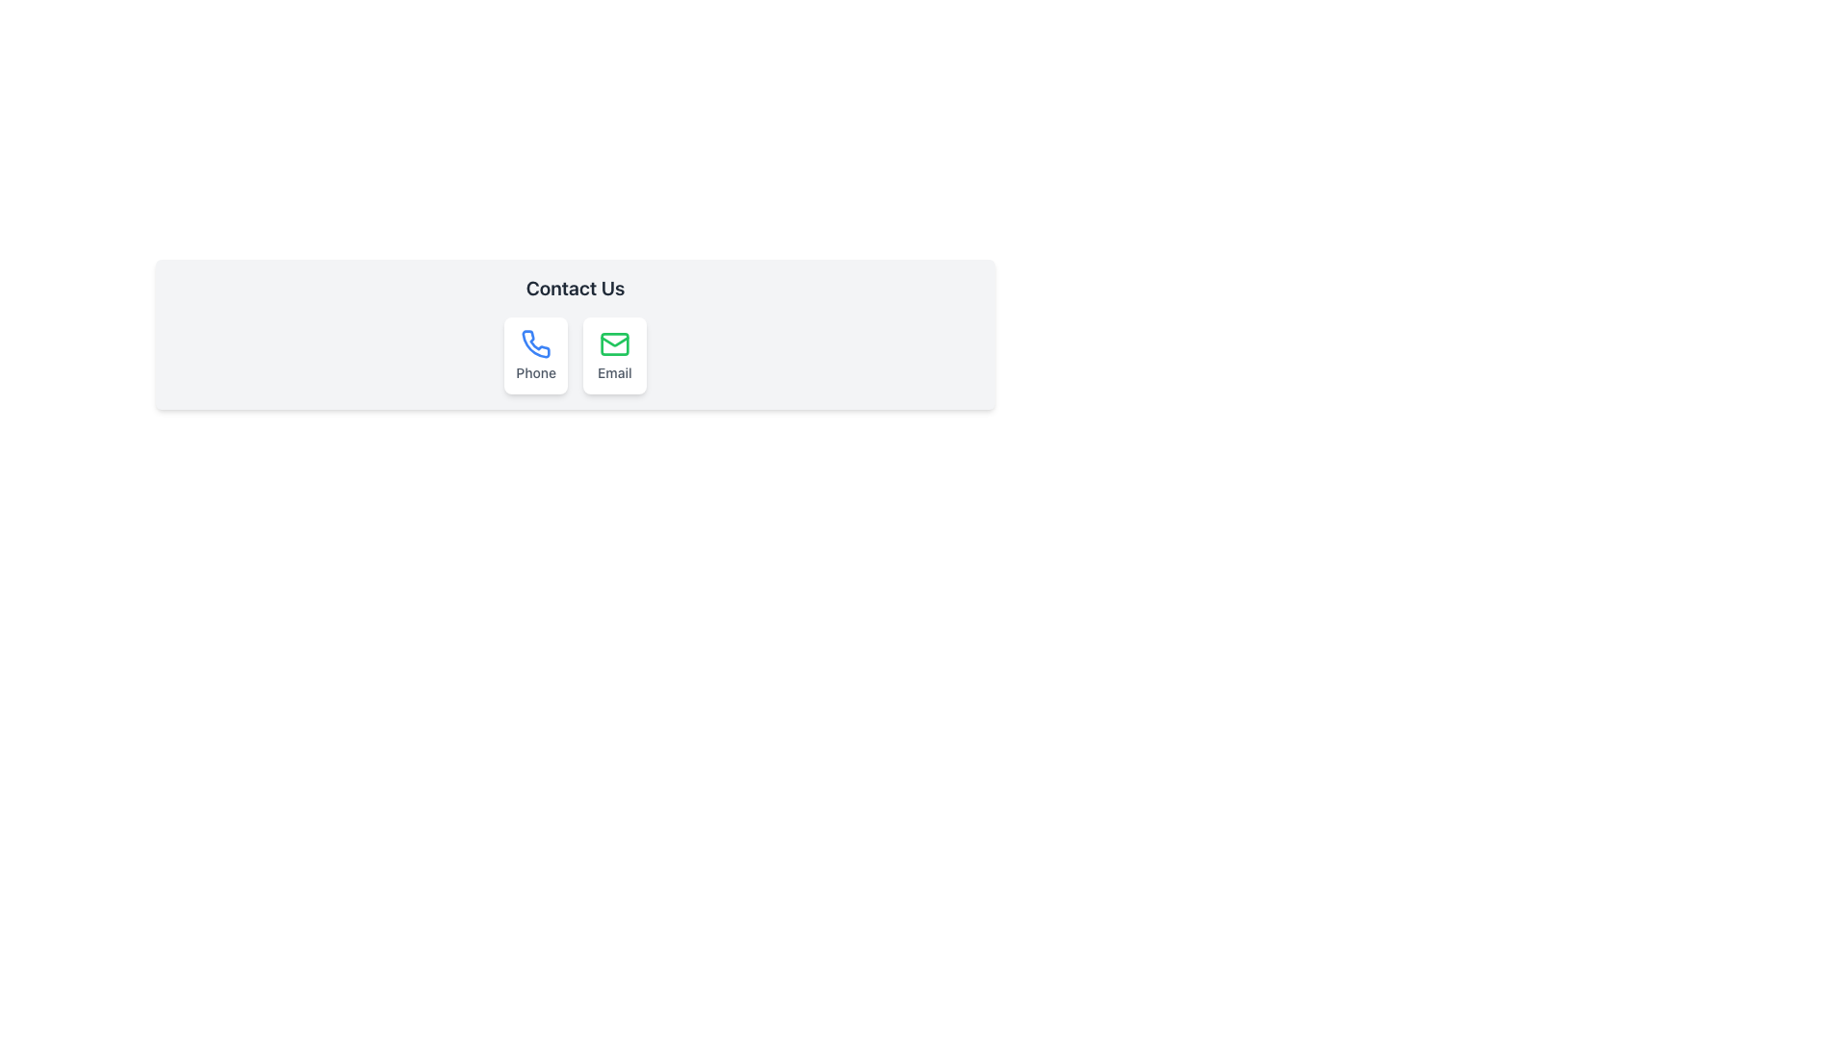 The width and height of the screenshot is (1848, 1039). Describe the element at coordinates (613, 343) in the screenshot. I see `the email icon located in the contact section of the interface, which is positioned to the right of the Phone box and to the left of the Email text label, to initiate email communication` at that location.